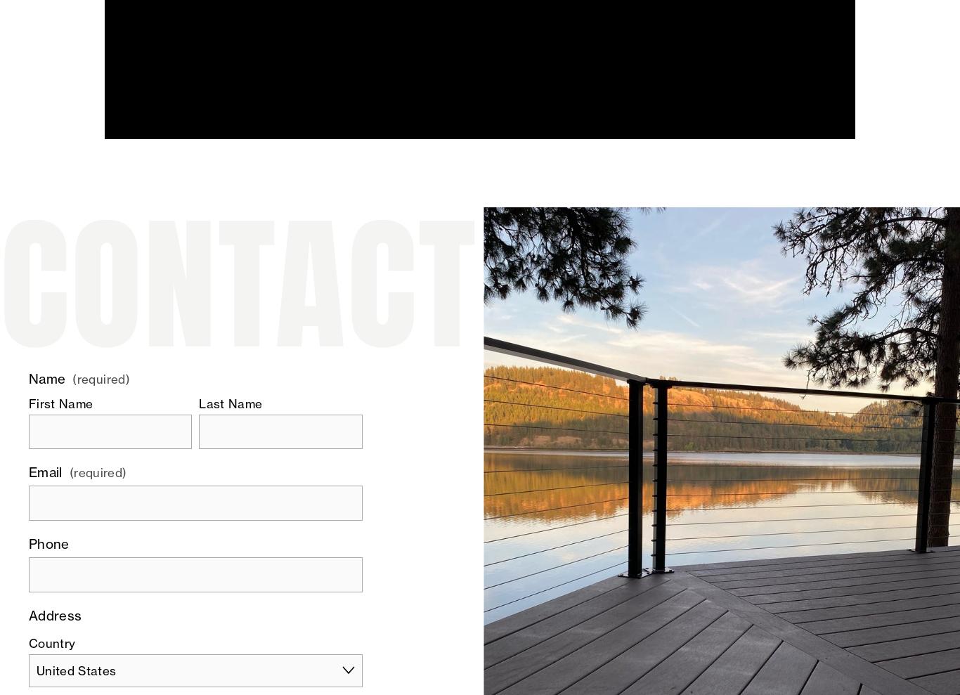 Image resolution: width=960 pixels, height=695 pixels. Describe the element at coordinates (48, 543) in the screenshot. I see `'Phone'` at that location.